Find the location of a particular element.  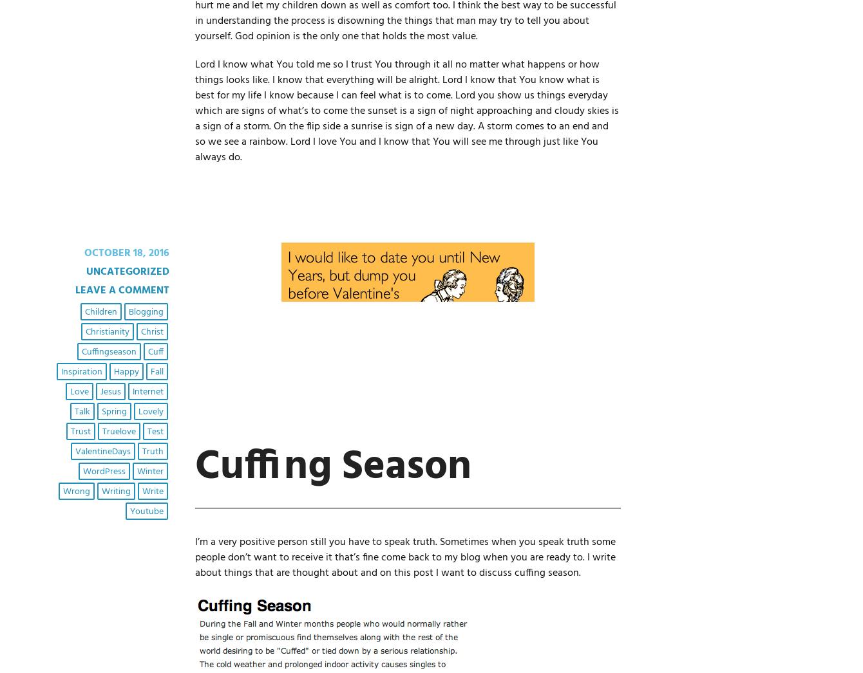

'Lord I know what You told me so I trust You through it all no matter what happens or how things looks like. I know that everything will be alright. Lord I know that You know what is best for my life I know because I can feel what is to come. Lord you show us things everyday which are signs of what’s to come the sunset is a sign of night approaching and cloudy skies is a sign of a storm. On the flip side a sunrise is sign of a new day. A storm comes to an end and so we see a rainbow. Lord I love You and I know that You will see me through just like You always do.' is located at coordinates (406, 111).